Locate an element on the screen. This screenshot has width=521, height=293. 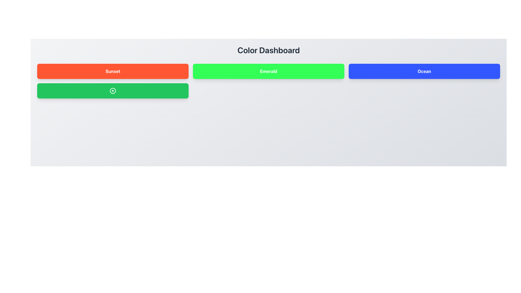
the bright green button labeled 'Emerald' to trigger a visual change is located at coordinates (268, 71).